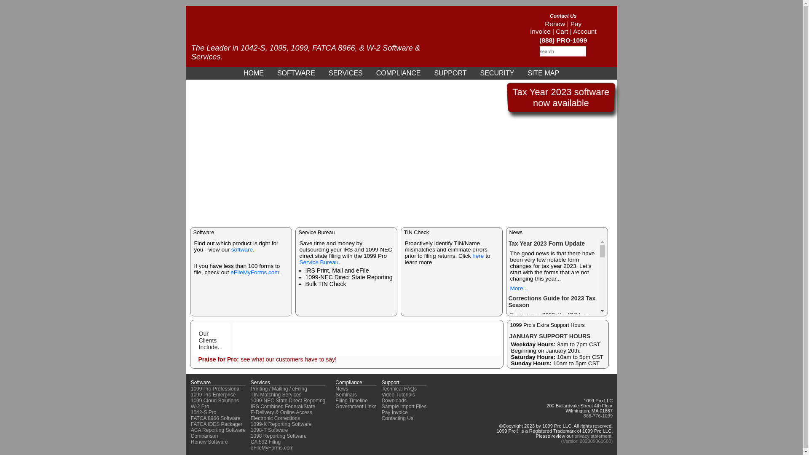 The height and width of the screenshot is (455, 809). What do you see at coordinates (299, 262) in the screenshot?
I see `'Service Bureau'` at bounding box center [299, 262].